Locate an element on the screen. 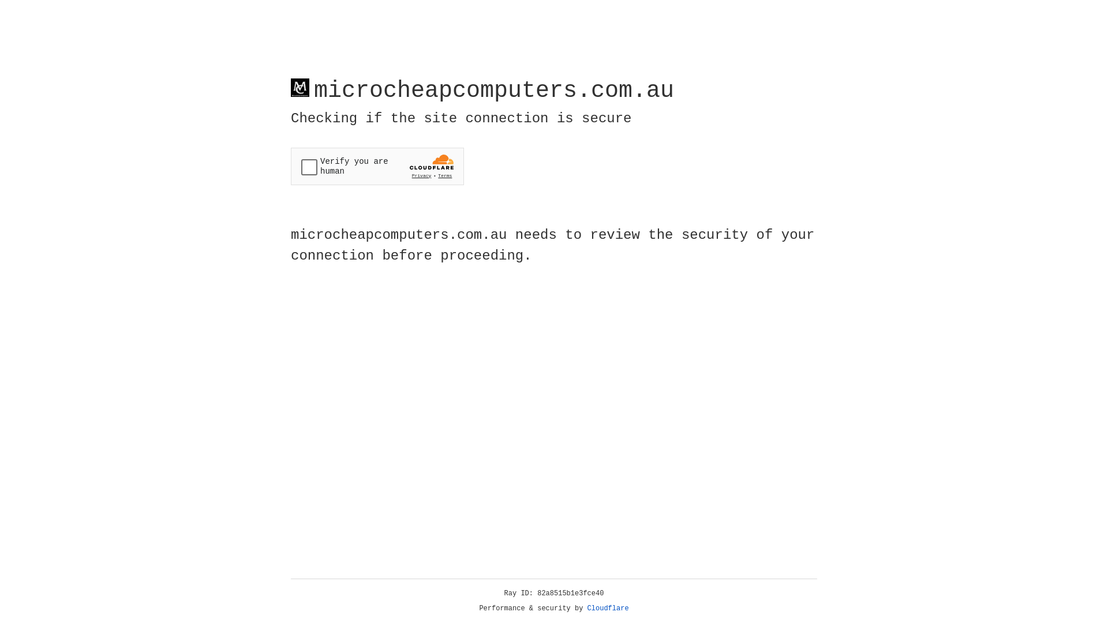  'Cloudflare' is located at coordinates (608, 608).